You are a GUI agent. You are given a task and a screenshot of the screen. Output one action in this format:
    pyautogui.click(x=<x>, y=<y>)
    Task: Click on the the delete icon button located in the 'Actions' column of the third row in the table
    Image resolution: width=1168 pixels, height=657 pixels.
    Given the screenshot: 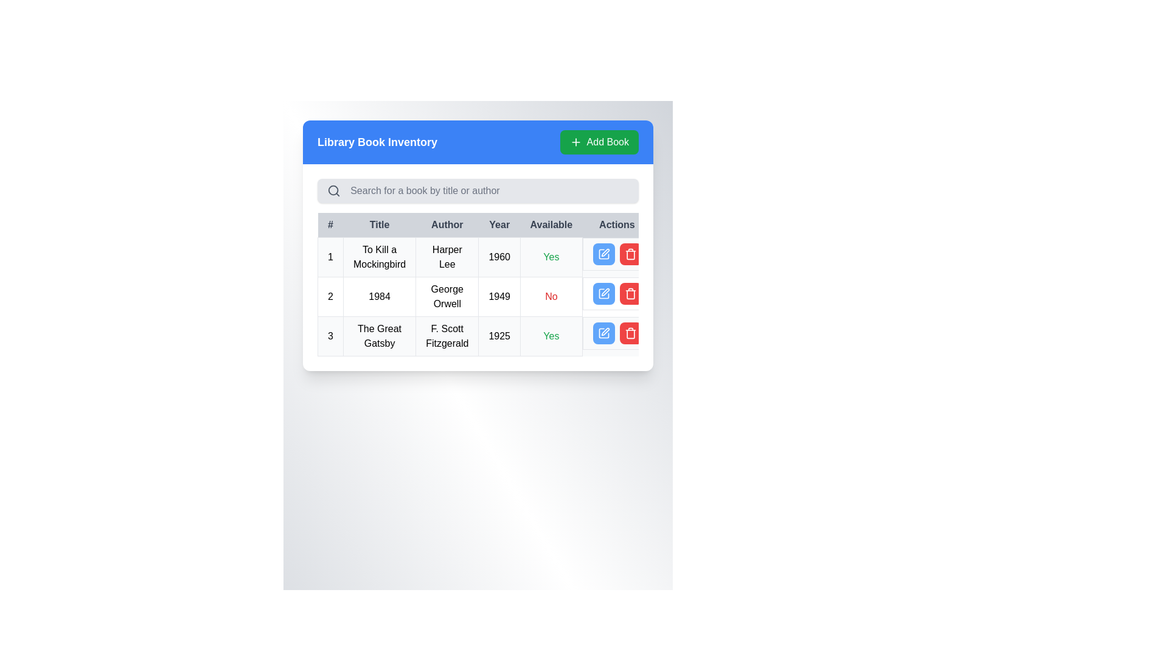 What is the action you would take?
    pyautogui.click(x=630, y=333)
    